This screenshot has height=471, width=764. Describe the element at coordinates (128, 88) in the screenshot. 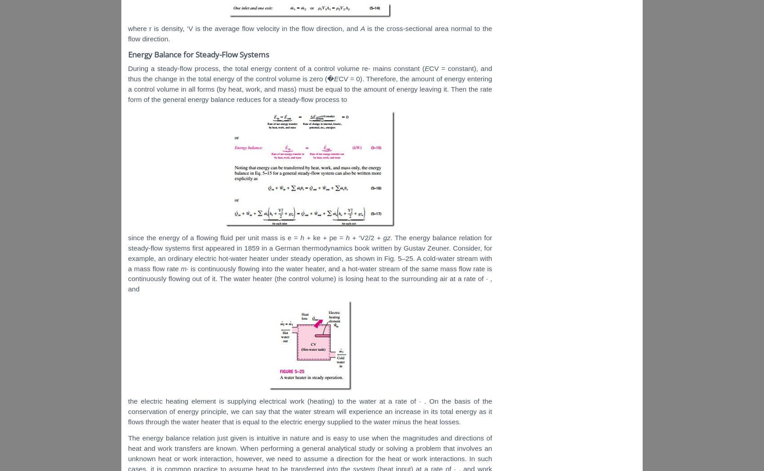

I see `'CV = 0). Therefore, the amount of energy entering a control volume in all forms (by heat, work, and mass) must be equal to the amount of energy leaving it. Then the rate form of the general energy balance'` at that location.